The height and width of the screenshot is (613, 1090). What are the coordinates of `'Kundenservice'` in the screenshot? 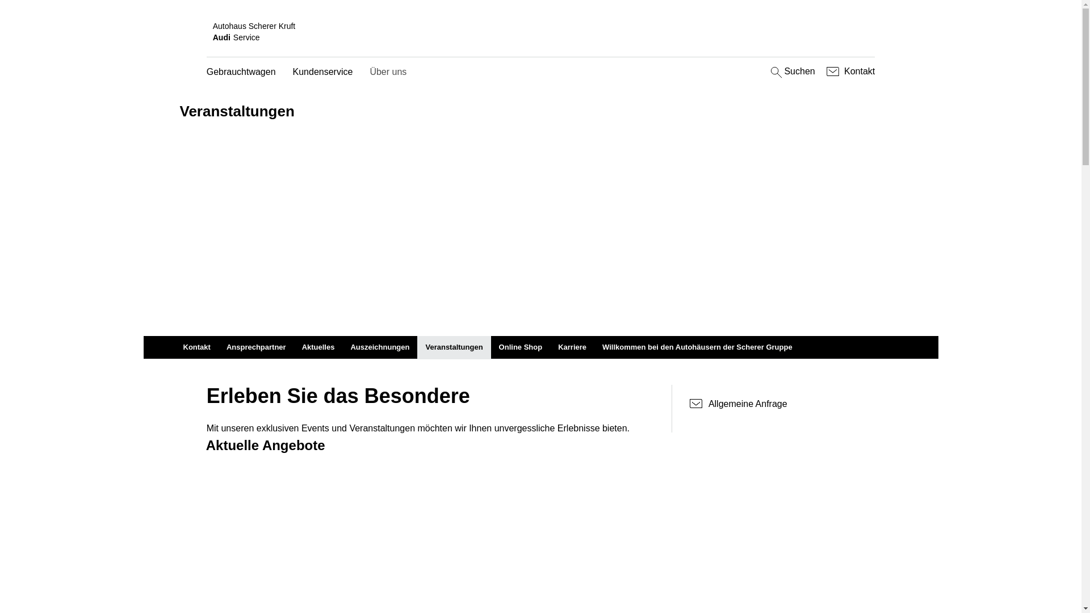 It's located at (322, 72).